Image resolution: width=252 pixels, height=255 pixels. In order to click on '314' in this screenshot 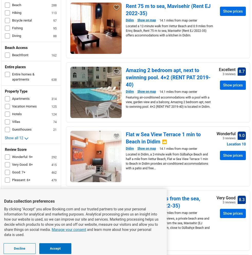, I will do `click(51, 99)`.